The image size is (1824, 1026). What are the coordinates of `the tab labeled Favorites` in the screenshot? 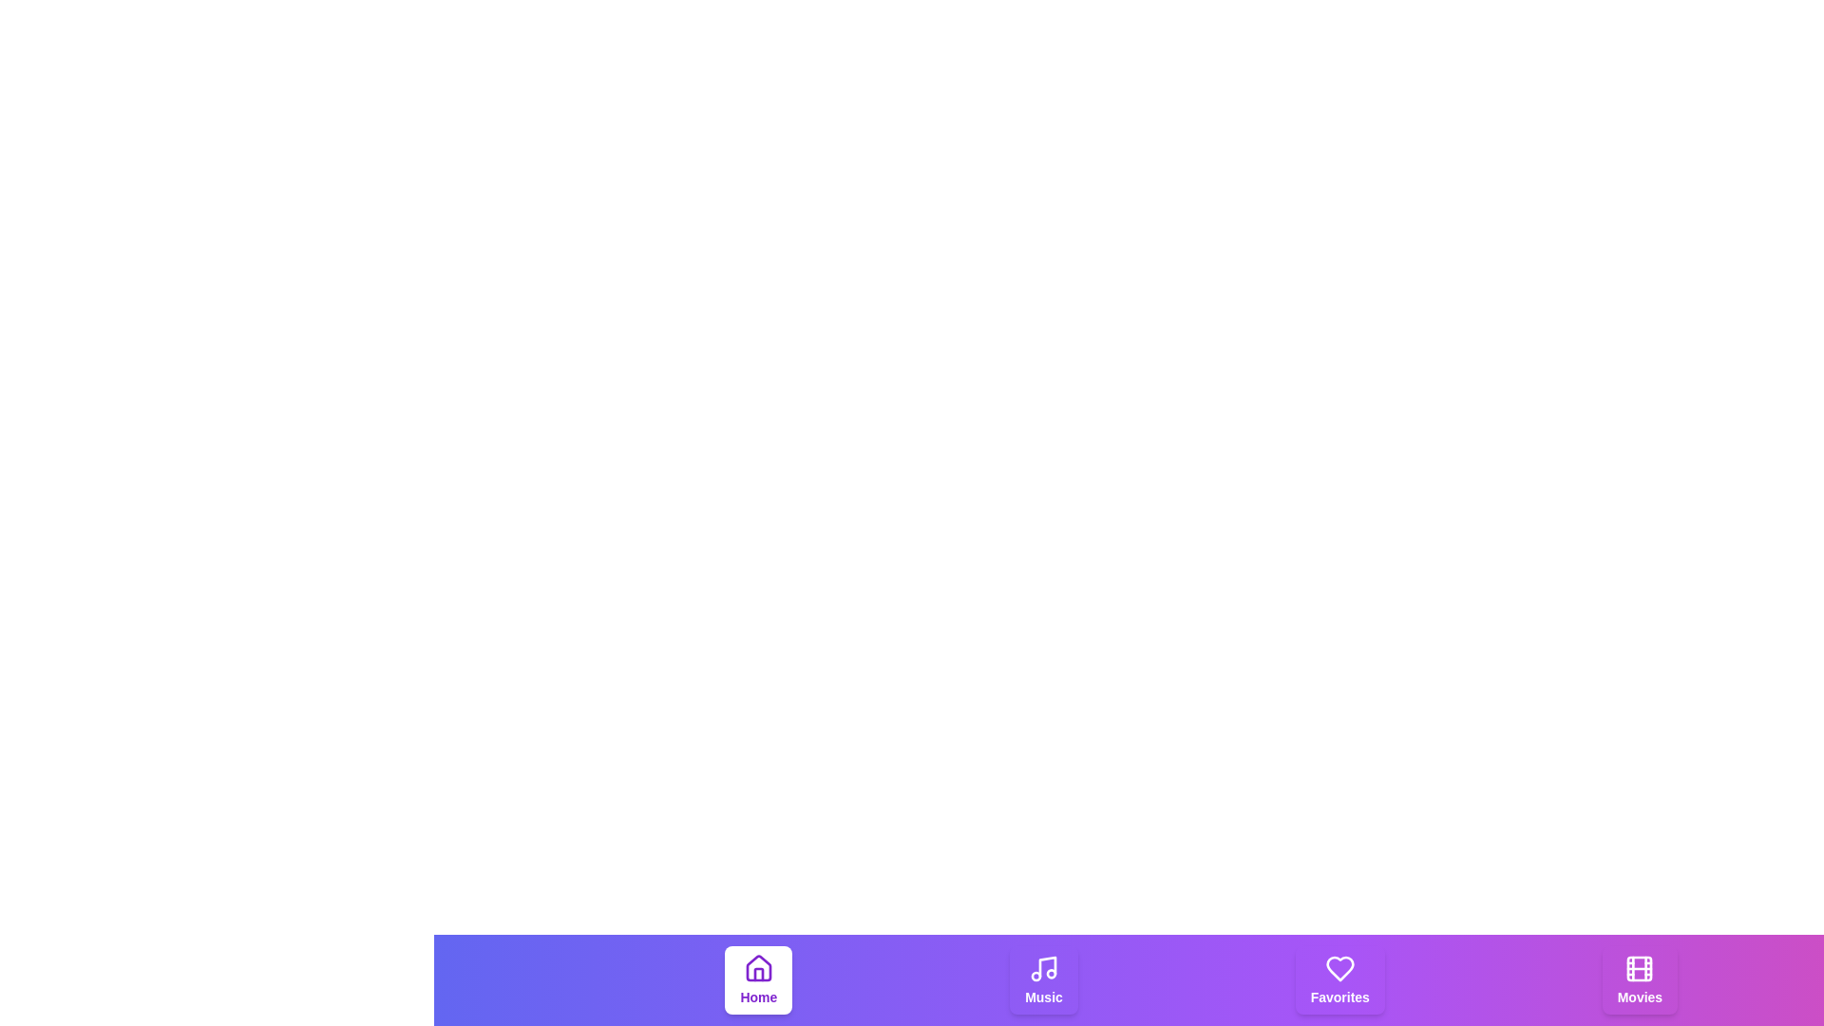 It's located at (1339, 980).